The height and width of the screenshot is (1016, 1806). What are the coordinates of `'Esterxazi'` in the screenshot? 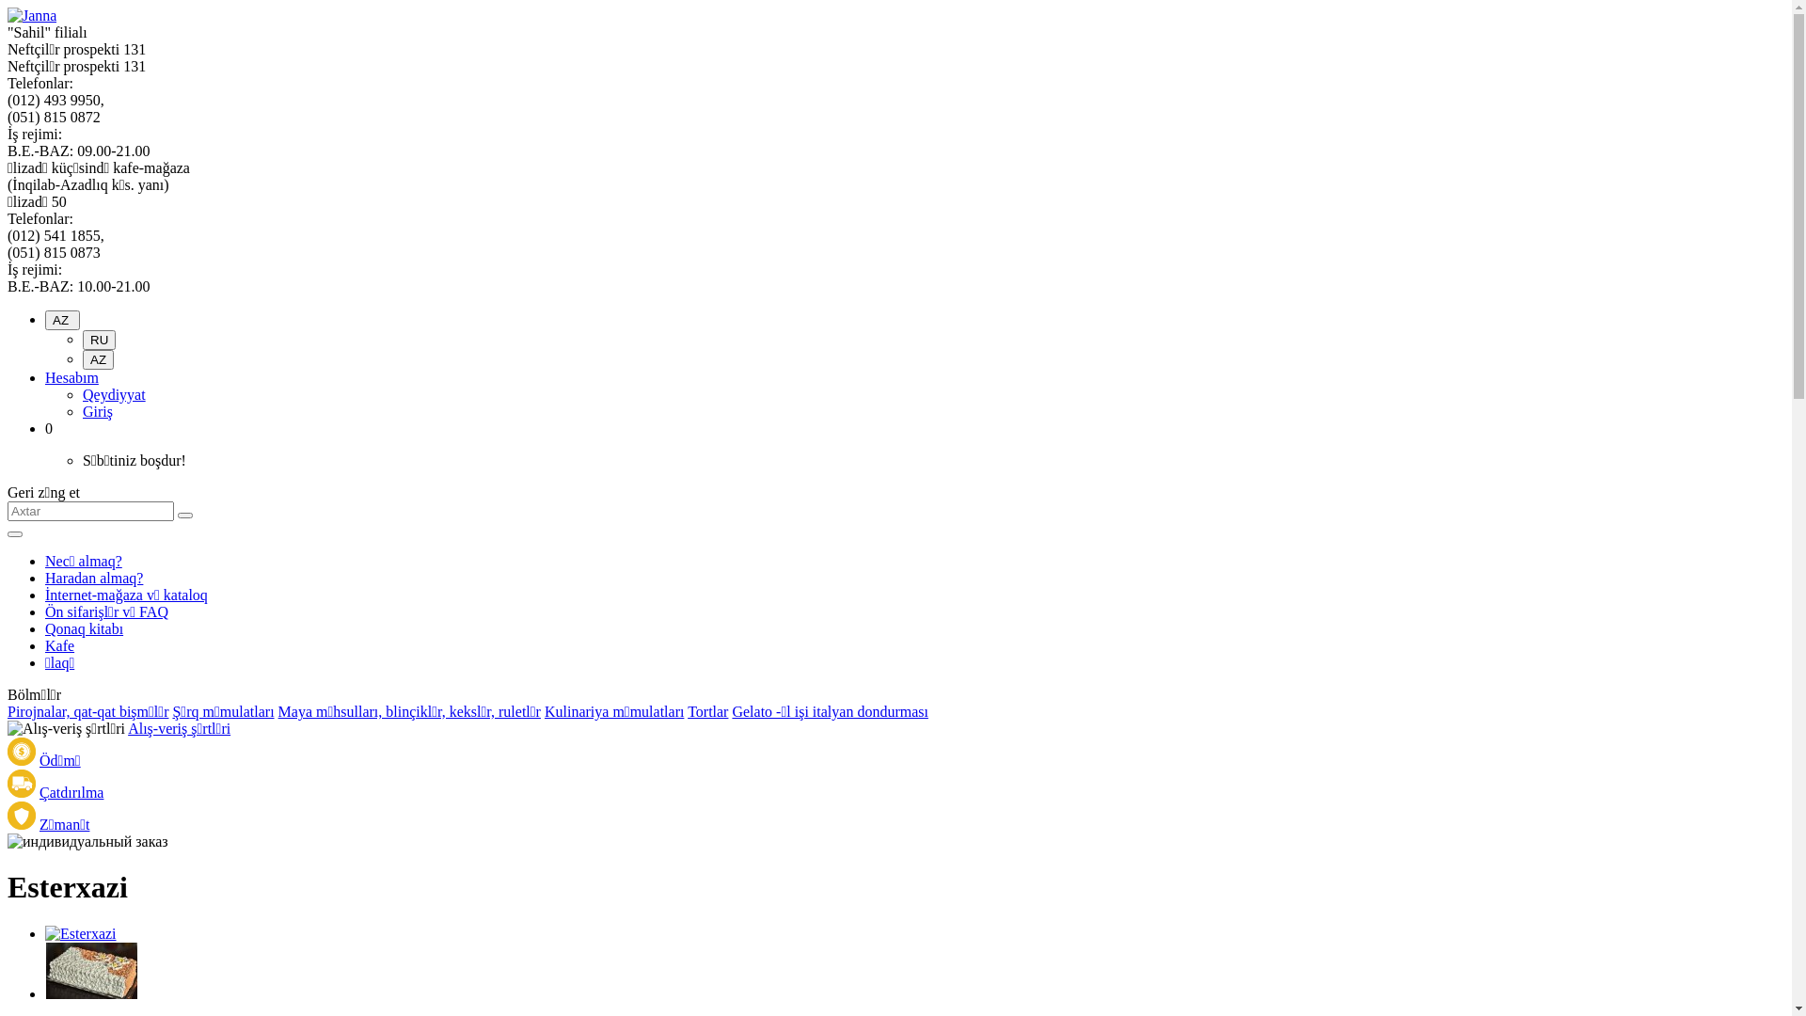 It's located at (80, 933).